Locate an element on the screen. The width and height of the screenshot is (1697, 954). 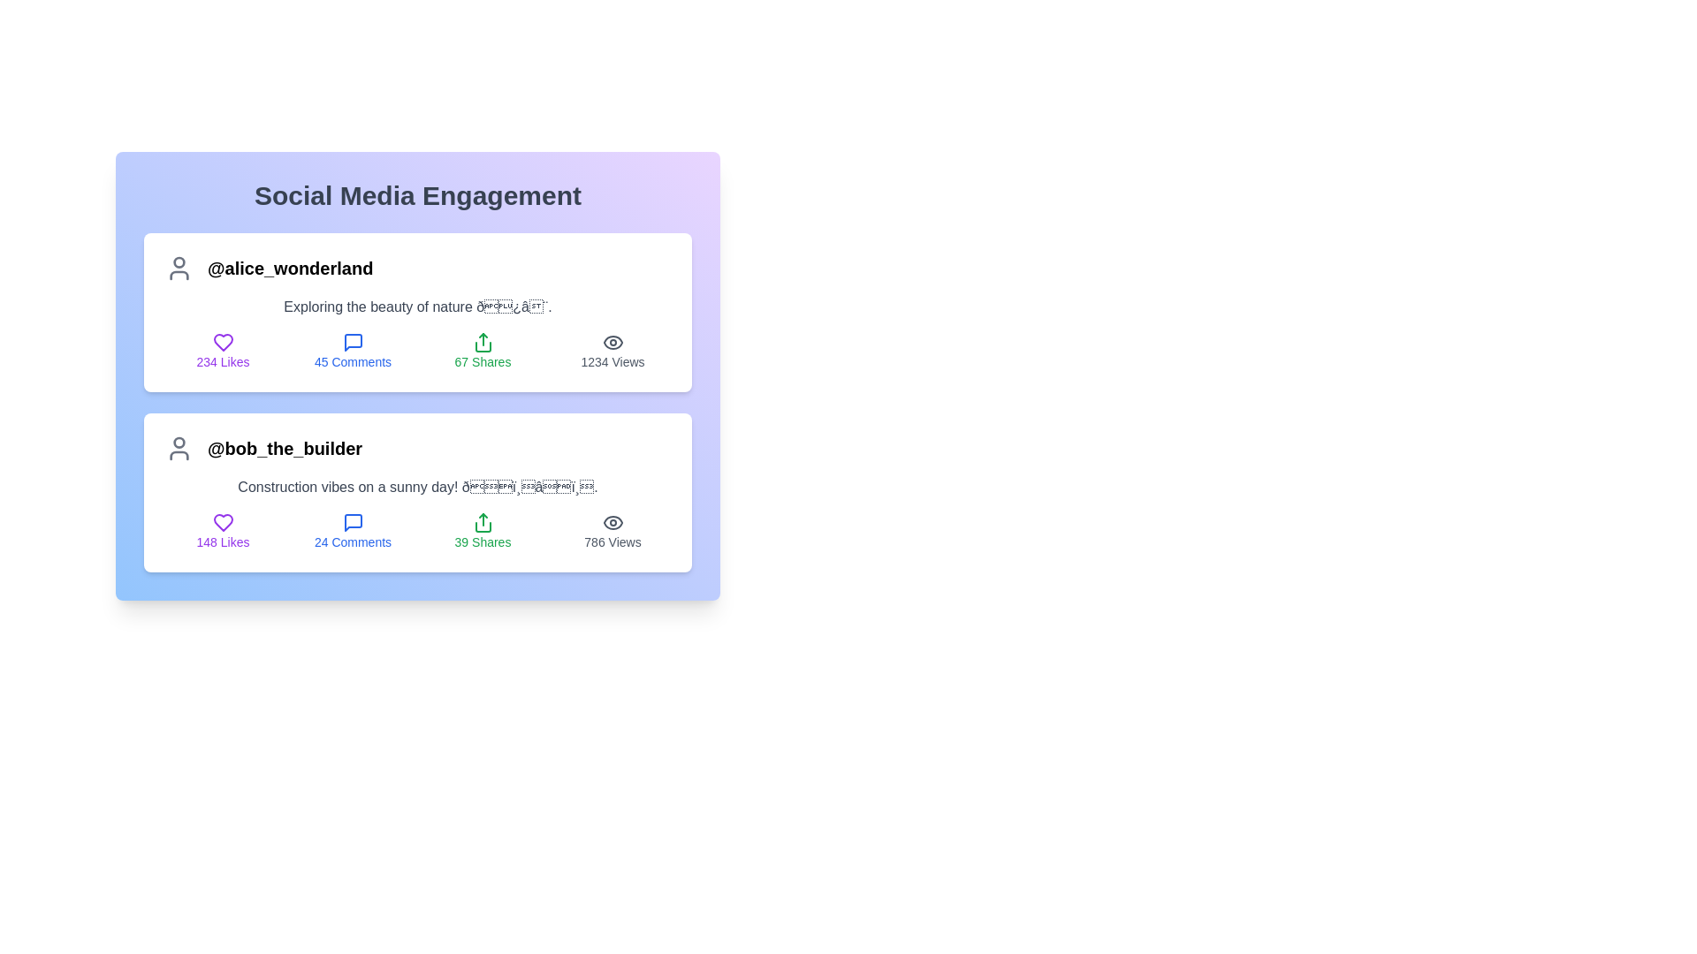
the Text Label displaying the number of likes for the post related to 'bob_the_builder', located in the bottom-left corner of the post section is located at coordinates (222, 541).